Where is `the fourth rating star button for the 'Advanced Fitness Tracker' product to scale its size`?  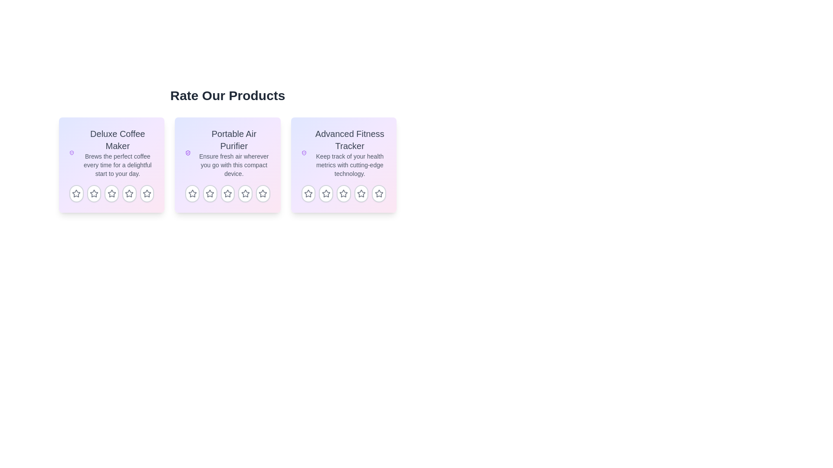
the fourth rating star button for the 'Advanced Fitness Tracker' product to scale its size is located at coordinates (361, 193).